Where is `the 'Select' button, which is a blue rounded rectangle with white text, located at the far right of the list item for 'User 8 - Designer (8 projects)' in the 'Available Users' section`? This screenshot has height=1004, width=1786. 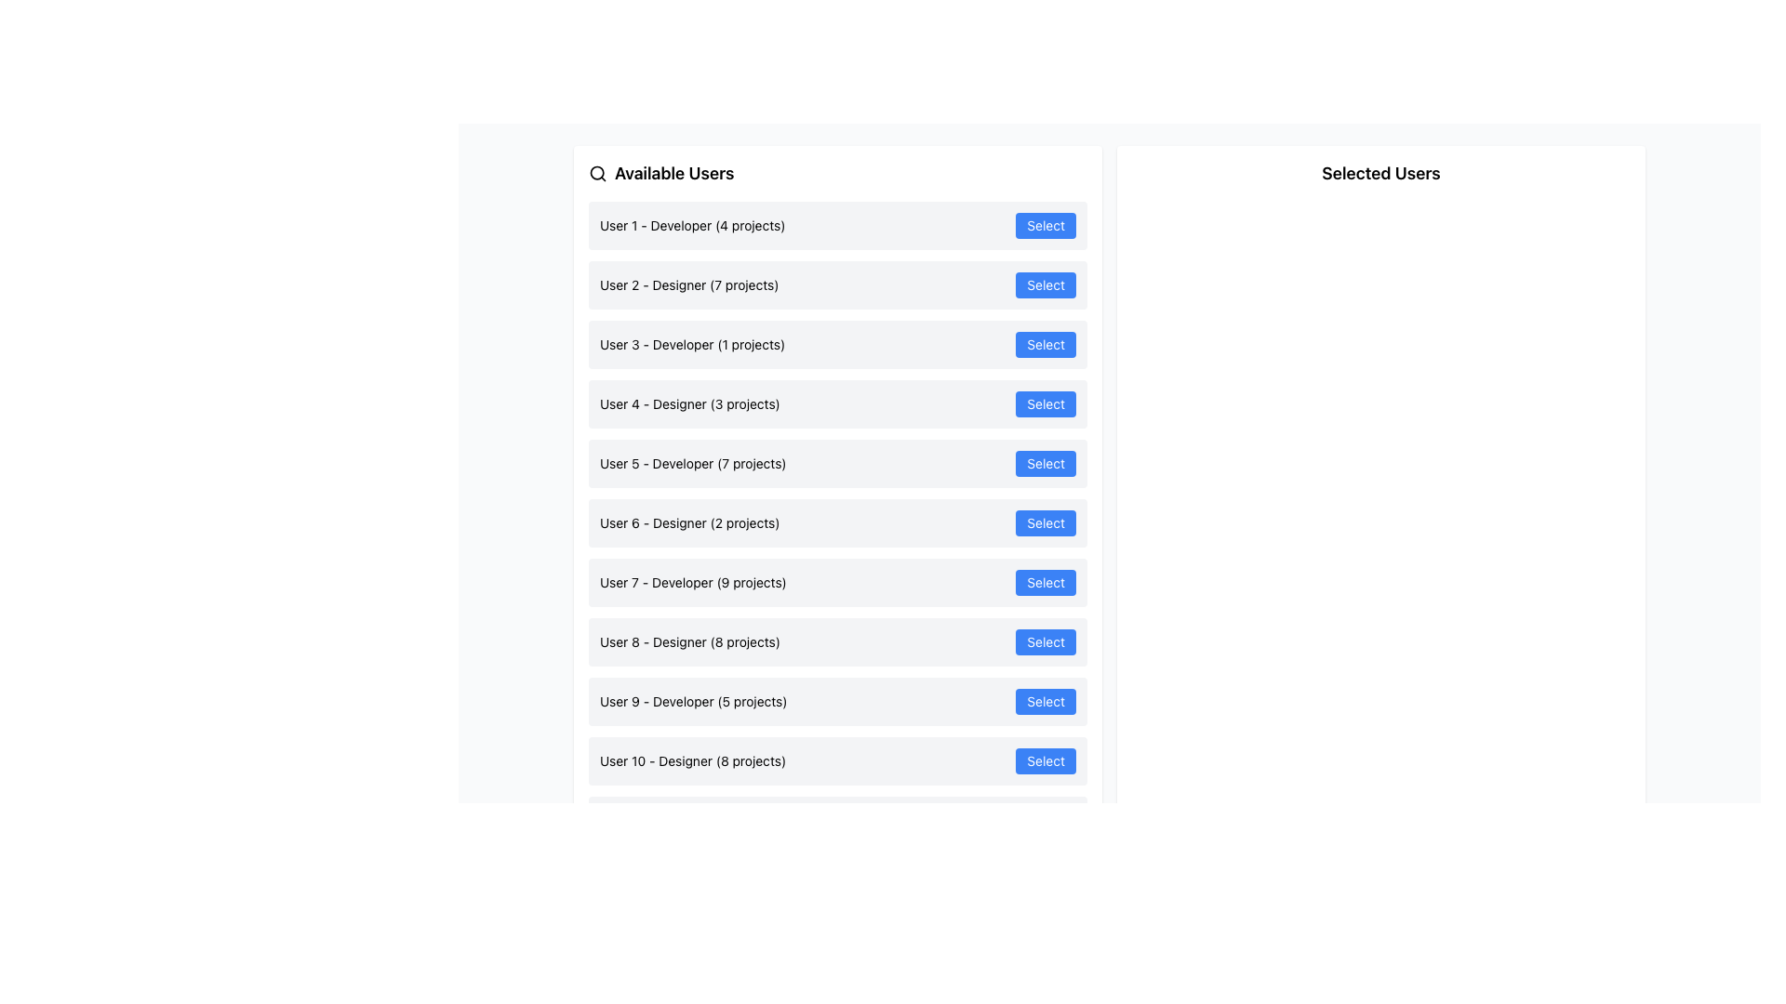 the 'Select' button, which is a blue rounded rectangle with white text, located at the far right of the list item for 'User 8 - Designer (8 projects)' in the 'Available Users' section is located at coordinates (1046, 641).